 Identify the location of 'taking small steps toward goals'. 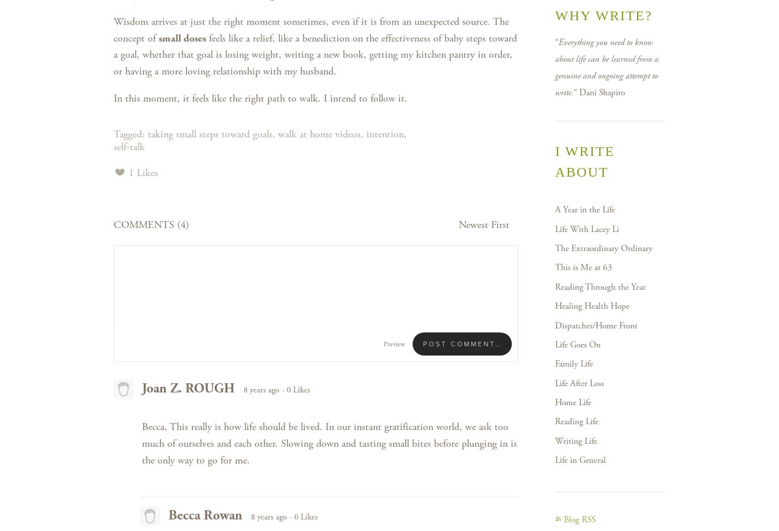
(209, 133).